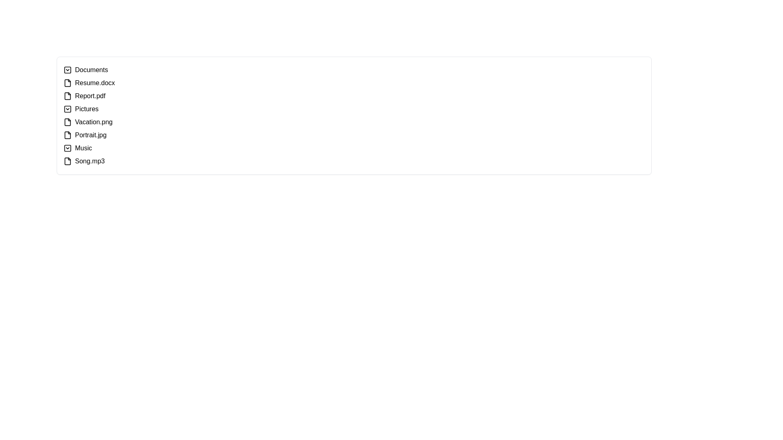 The height and width of the screenshot is (440, 783). Describe the element at coordinates (91, 134) in the screenshot. I see `the second text label under the 'Pictures' section that displays the file name, as part of a file explorer interface` at that location.